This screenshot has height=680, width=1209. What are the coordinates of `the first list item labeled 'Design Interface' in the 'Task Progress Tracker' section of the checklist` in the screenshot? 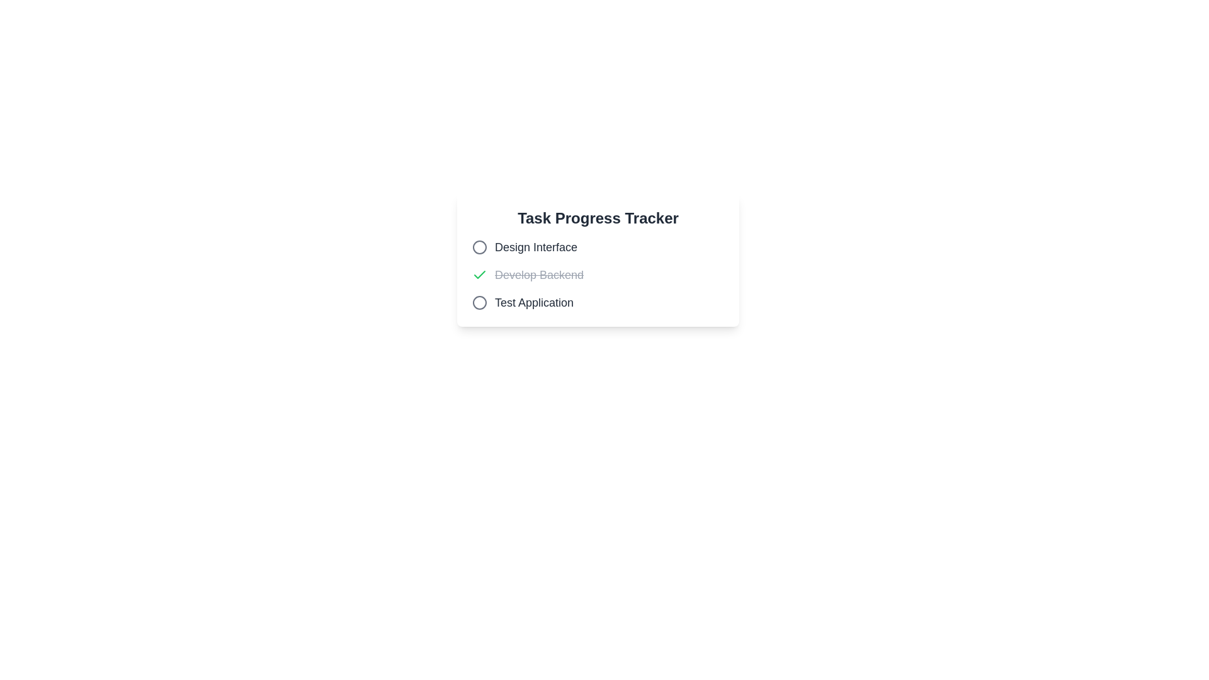 It's located at (598, 247).